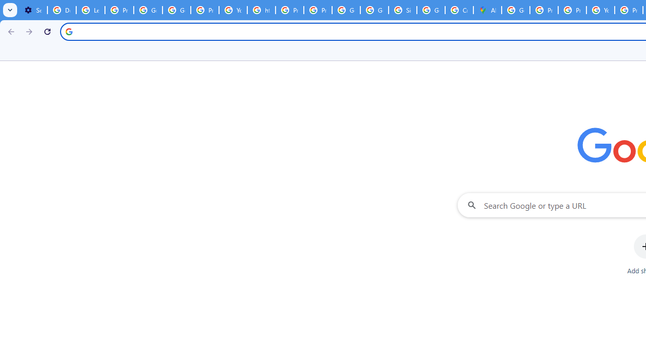  I want to click on 'YouTube', so click(233, 10).